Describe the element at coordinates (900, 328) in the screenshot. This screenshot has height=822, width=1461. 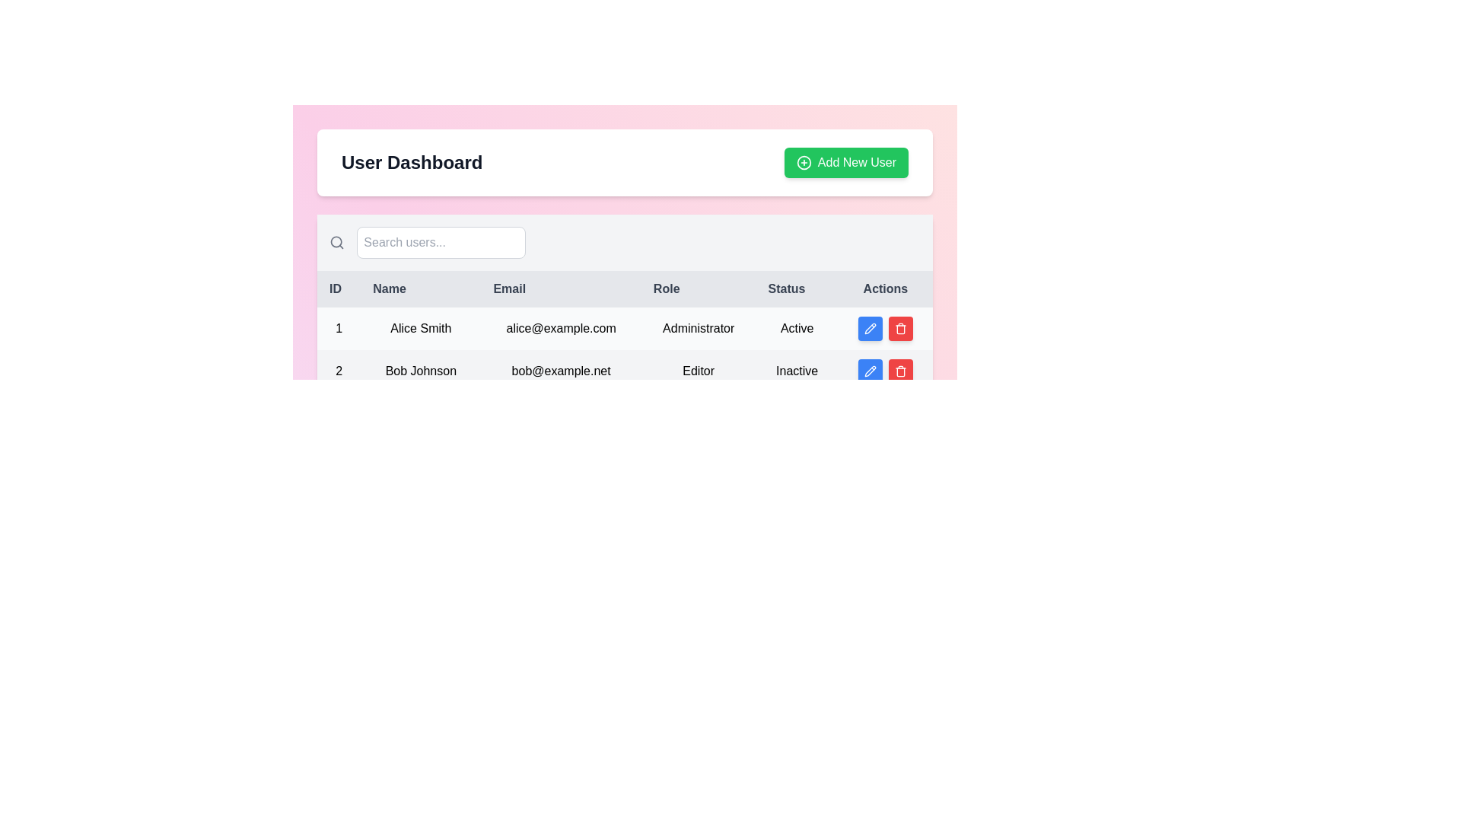
I see `the visually striking red delete button with a trash can icon located in the 'Actions' column next to the blue edit button for Bob Johnson` at that location.